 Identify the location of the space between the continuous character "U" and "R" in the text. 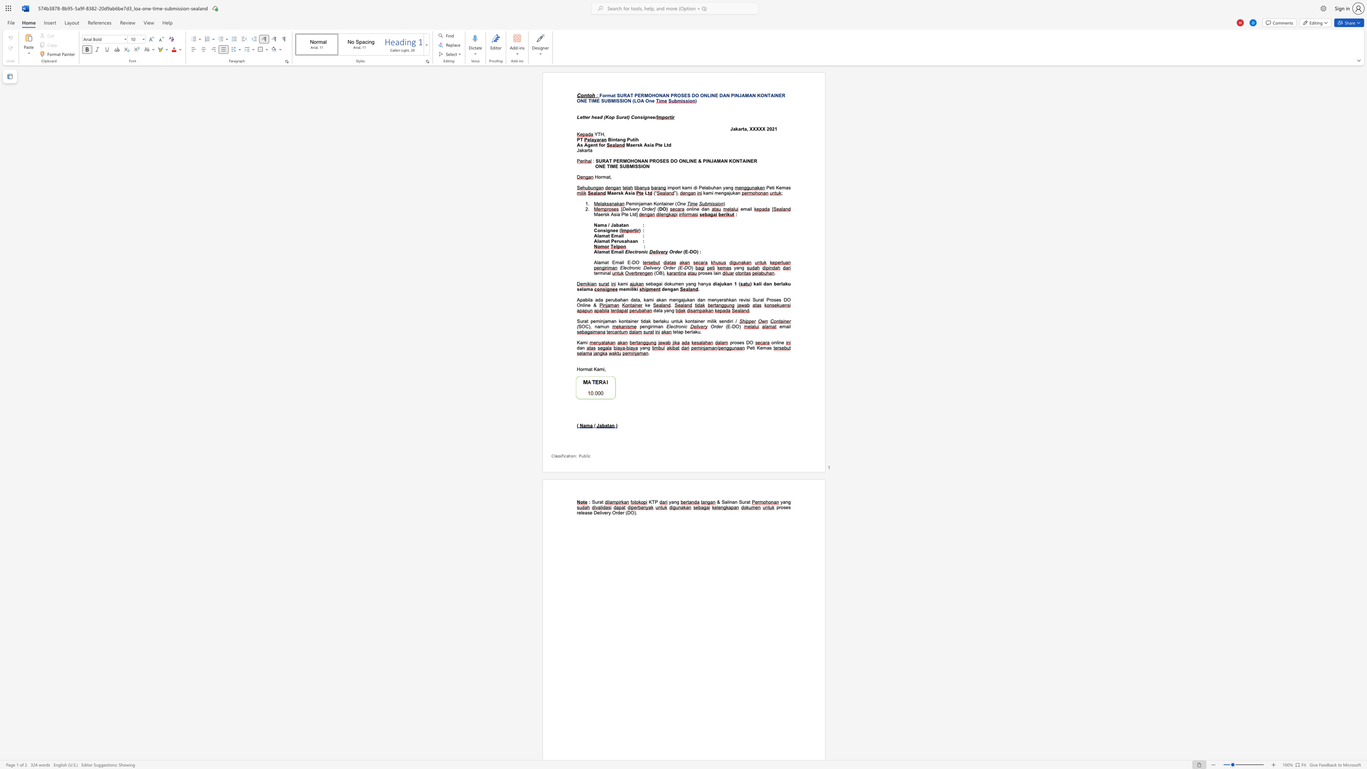
(601, 161).